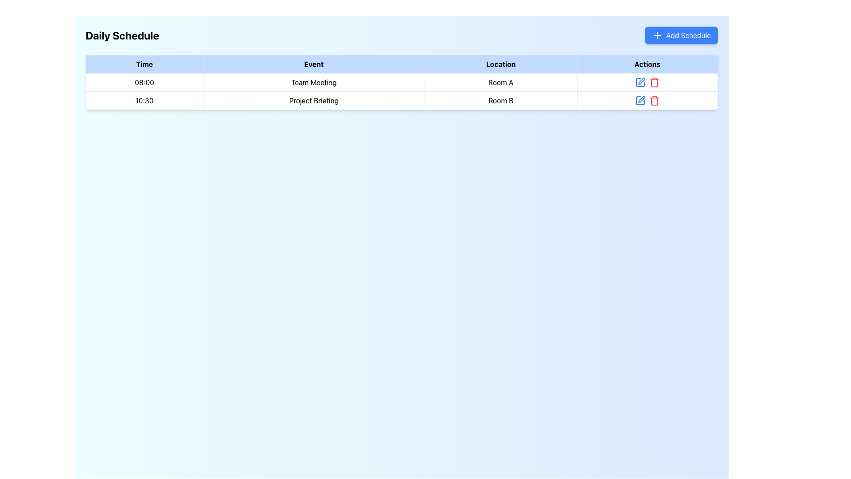 The height and width of the screenshot is (479, 851). Describe the element at coordinates (501, 64) in the screenshot. I see `the Table Header Cell labeled 'Location' which is the third column header in a tabular layout` at that location.